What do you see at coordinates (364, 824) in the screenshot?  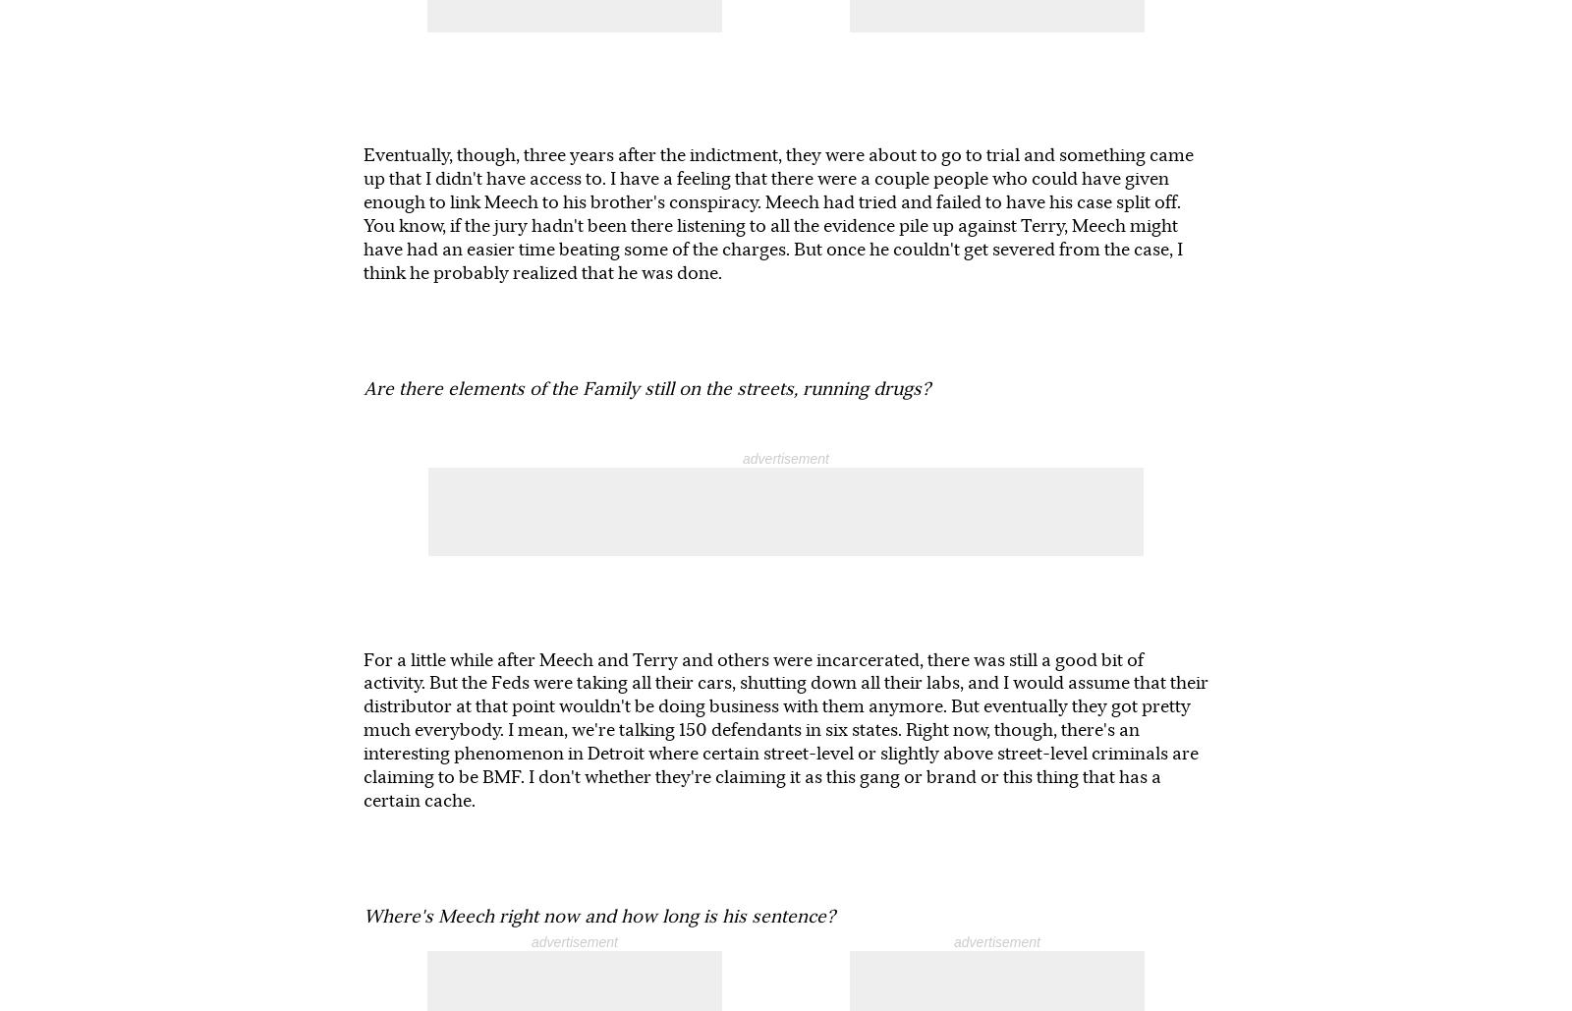 I see `'Books & Books, 9700 Collins Ave., Bal Harbour. The author event starts at 7:30 p.m. and it's free. Visit'` at bounding box center [364, 824].